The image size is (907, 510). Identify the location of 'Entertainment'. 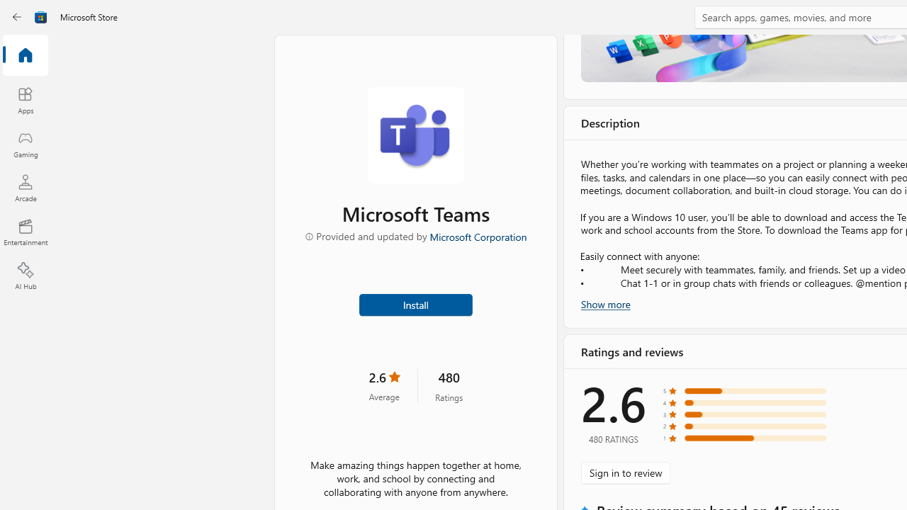
(25, 231).